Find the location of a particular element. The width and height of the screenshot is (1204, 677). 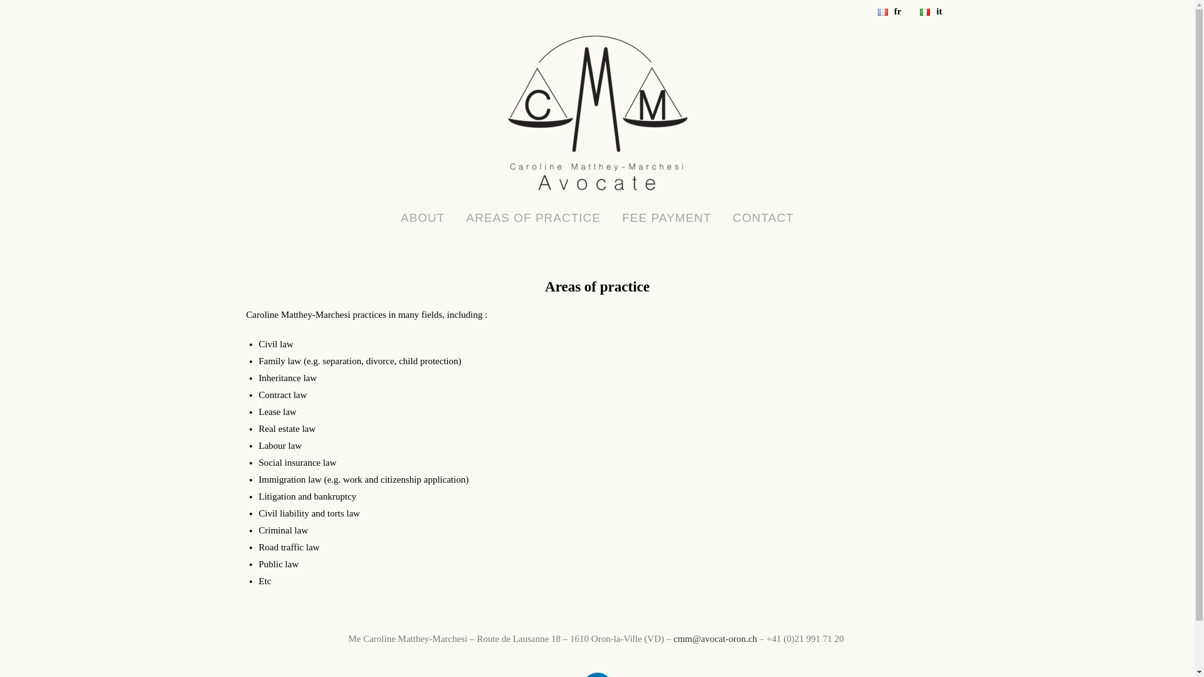

'it' is located at coordinates (927, 11).